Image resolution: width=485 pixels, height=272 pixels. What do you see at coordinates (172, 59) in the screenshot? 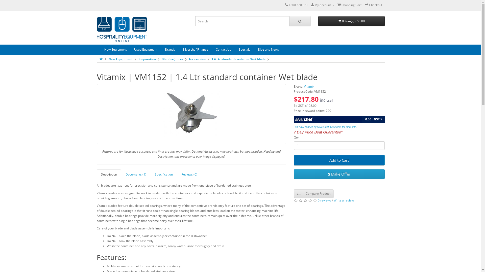
I see `'Blender/Juicer'` at bounding box center [172, 59].